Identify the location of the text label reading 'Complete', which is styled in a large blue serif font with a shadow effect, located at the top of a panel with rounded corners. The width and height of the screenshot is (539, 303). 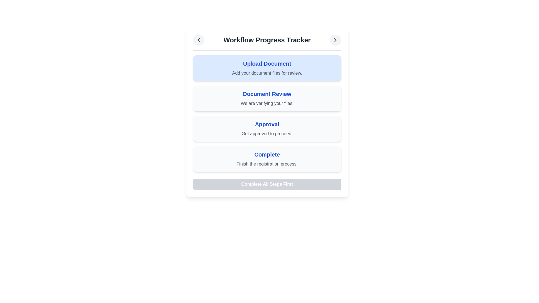
(267, 155).